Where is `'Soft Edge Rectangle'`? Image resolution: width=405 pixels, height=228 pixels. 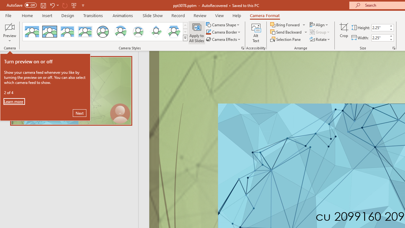
'Soft Edge Rectangle' is located at coordinates (84, 32).